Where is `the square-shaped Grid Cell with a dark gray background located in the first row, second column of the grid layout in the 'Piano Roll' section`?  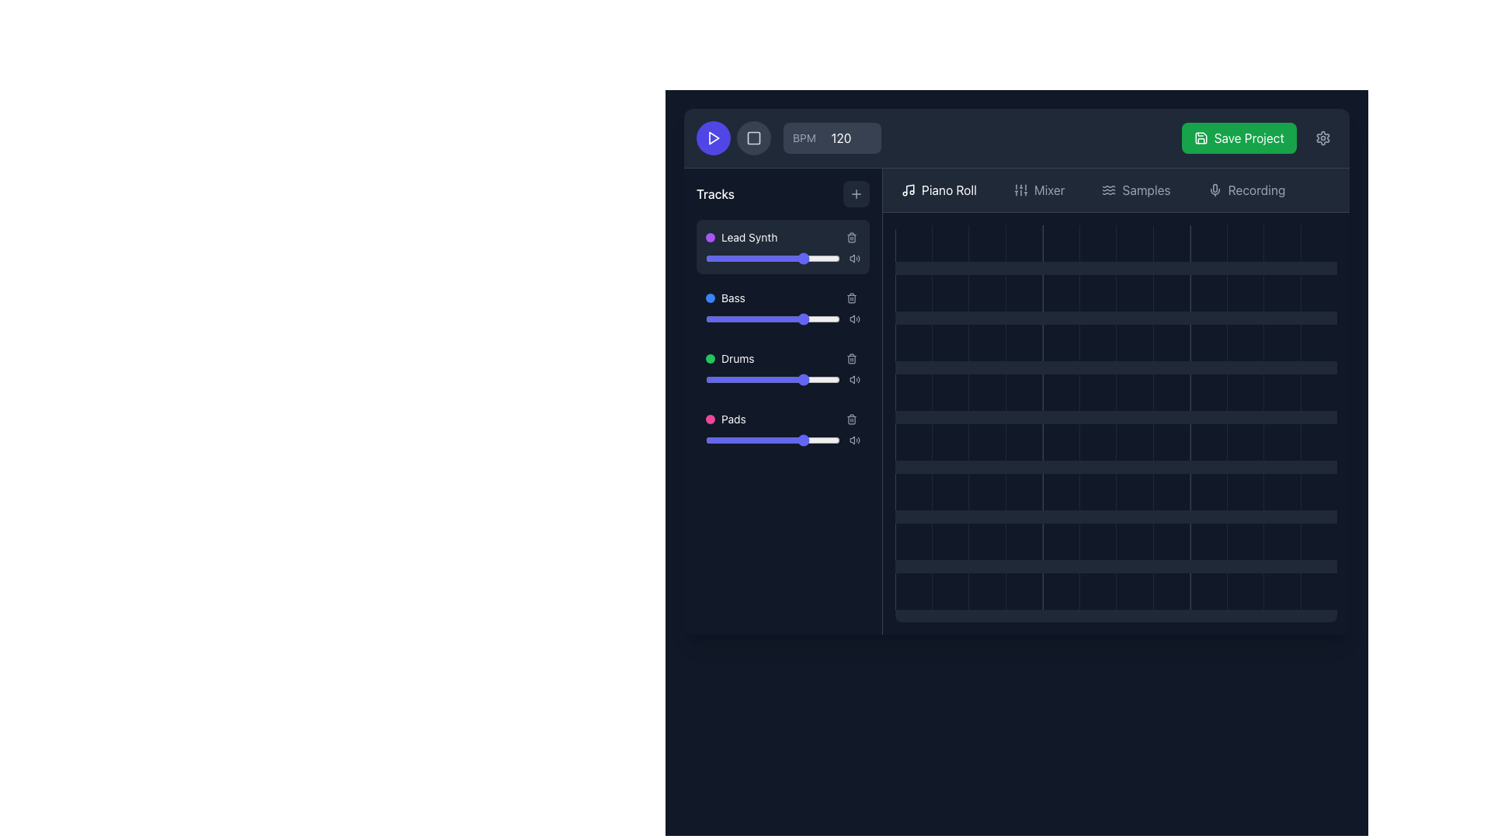 the square-shaped Grid Cell with a dark gray background located in the first row, second column of the grid layout in the 'Piano Roll' section is located at coordinates (949, 243).